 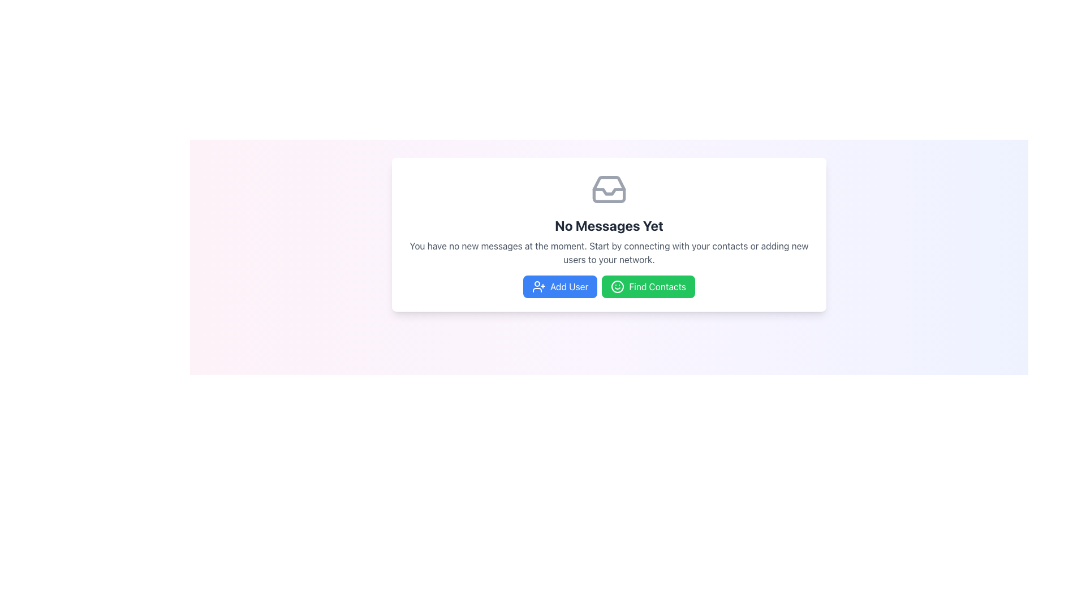 What do you see at coordinates (648, 286) in the screenshot?
I see `the 'Find Contacts' button using keyboard navigation` at bounding box center [648, 286].